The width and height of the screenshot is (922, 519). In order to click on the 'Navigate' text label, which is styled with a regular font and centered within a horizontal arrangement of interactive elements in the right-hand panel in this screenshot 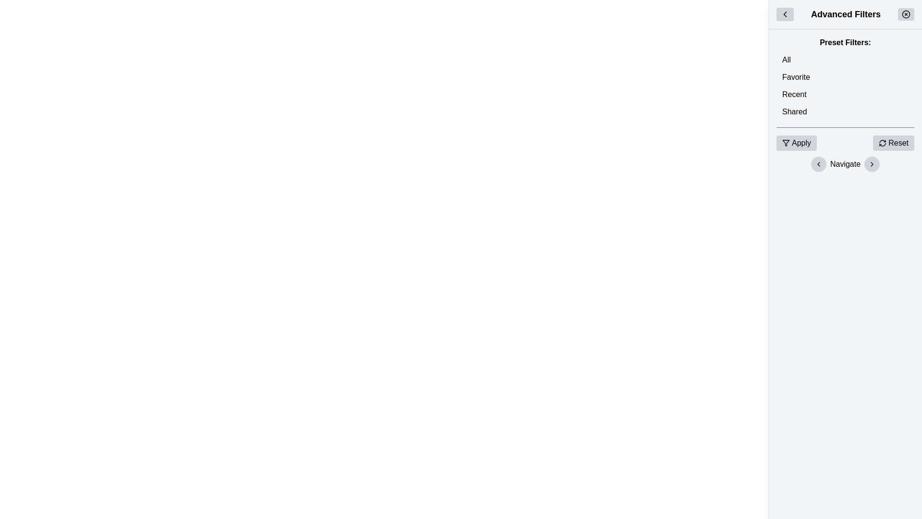, I will do `click(845, 164)`.